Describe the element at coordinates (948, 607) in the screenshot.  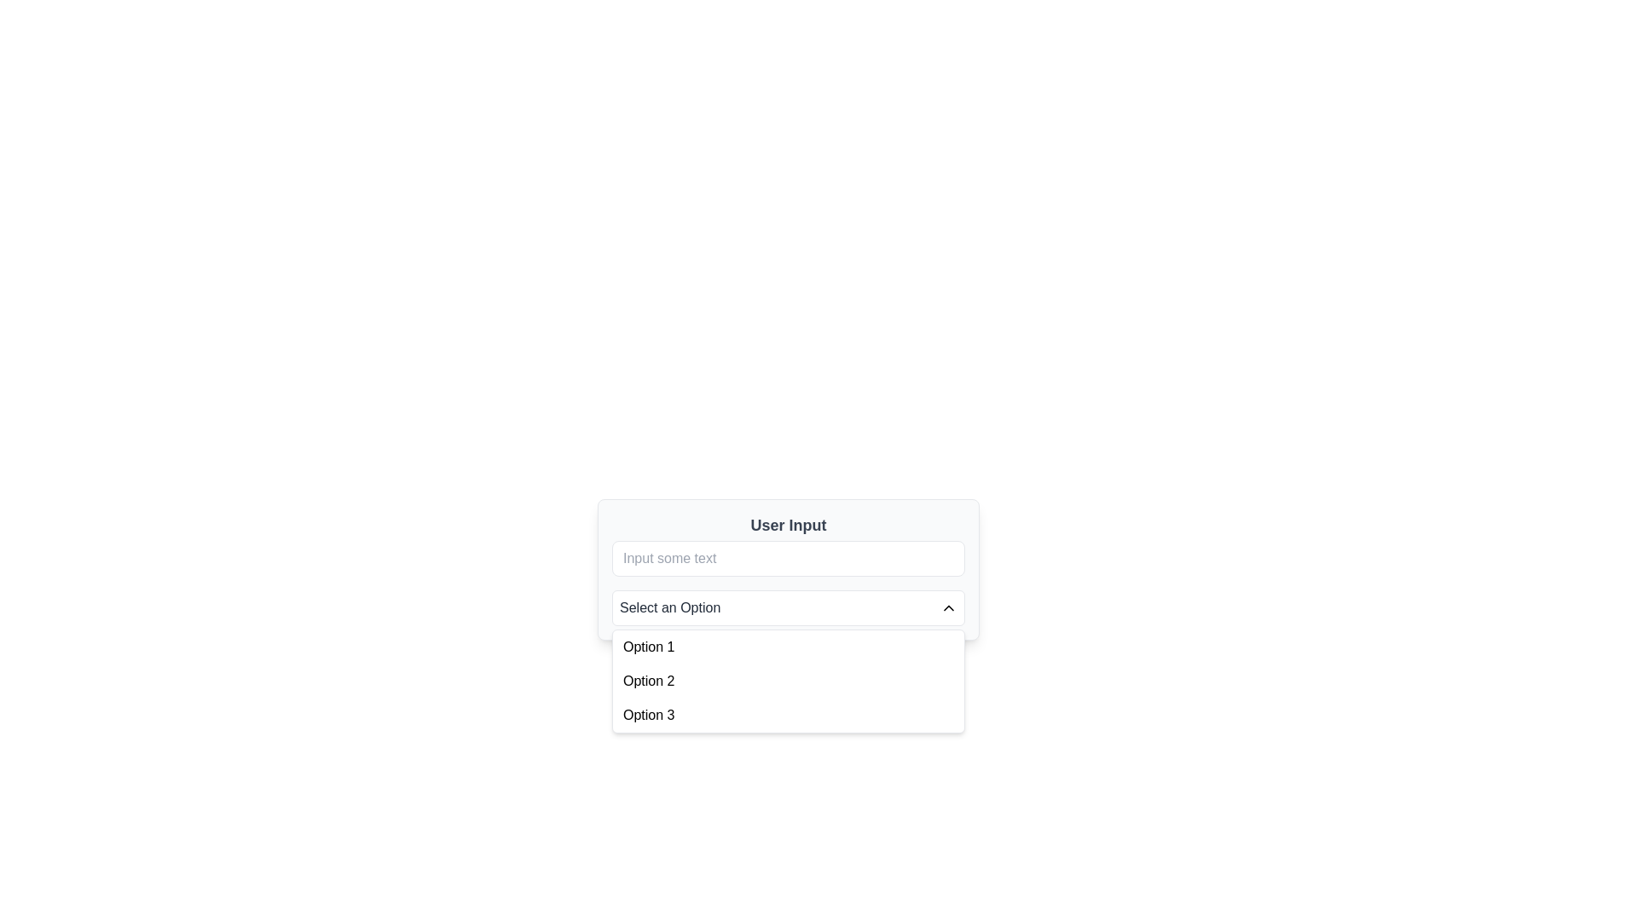
I see `the chevron-up icon next to the 'Select an Option' label` at that location.